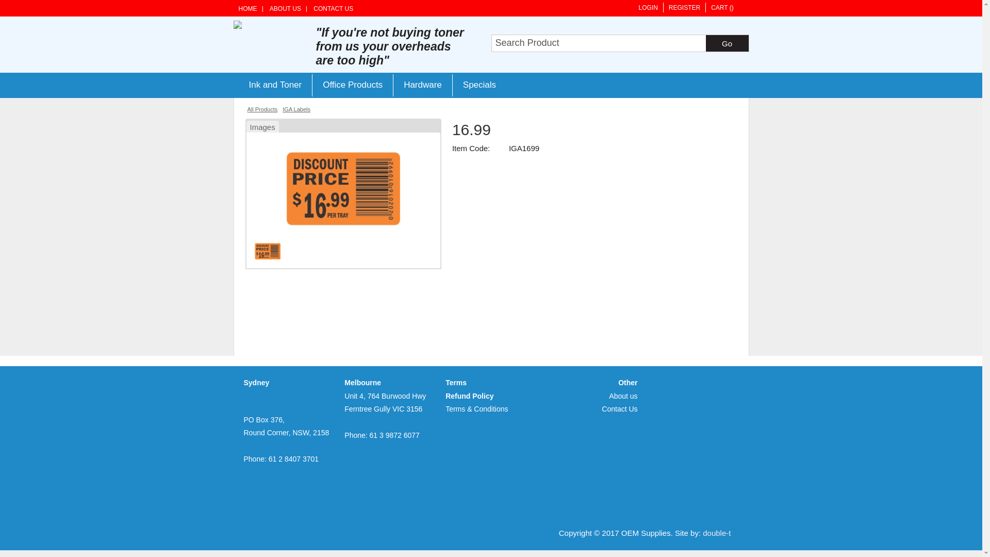 The width and height of the screenshot is (990, 557). I want to click on 'Click to Enlarge', so click(343, 188).